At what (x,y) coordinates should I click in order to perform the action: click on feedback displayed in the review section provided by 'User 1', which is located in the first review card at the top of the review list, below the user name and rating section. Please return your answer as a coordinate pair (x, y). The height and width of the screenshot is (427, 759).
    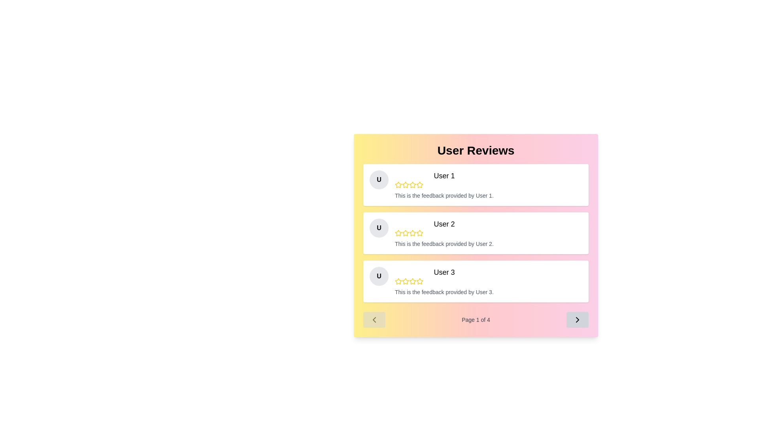
    Looking at the image, I should click on (444, 195).